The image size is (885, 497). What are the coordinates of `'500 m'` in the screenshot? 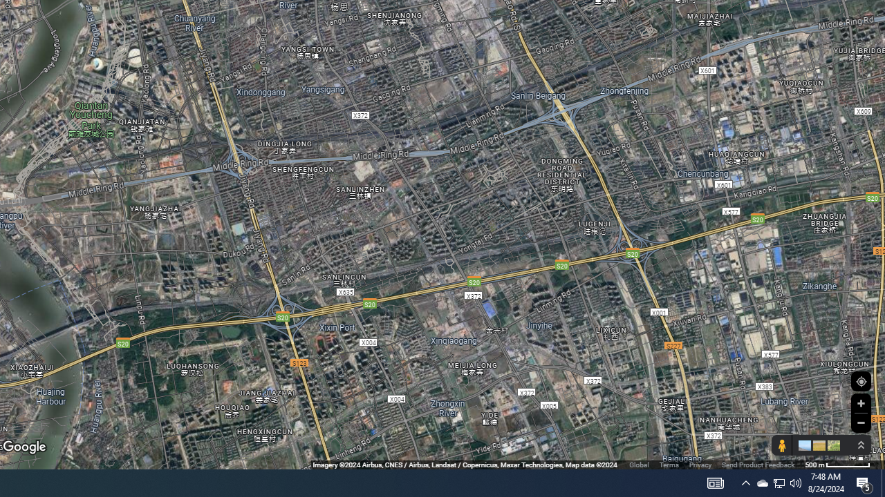 It's located at (837, 465).